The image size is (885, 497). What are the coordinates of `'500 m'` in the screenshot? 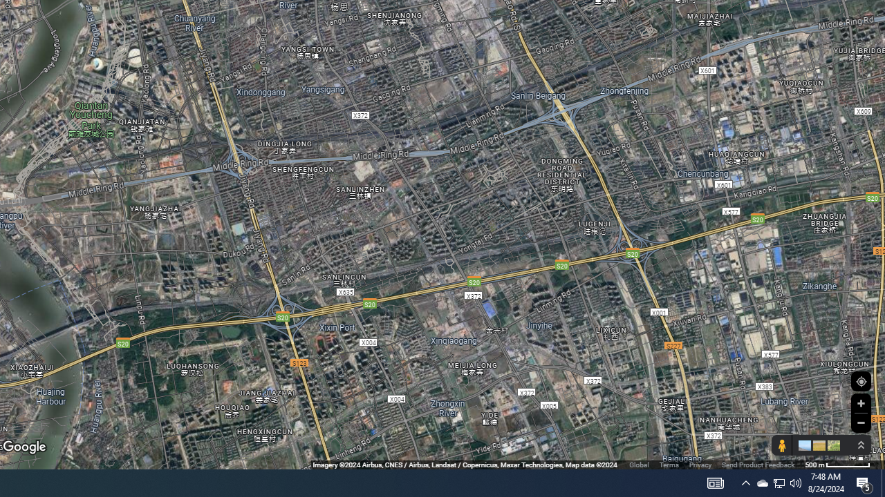 It's located at (837, 465).